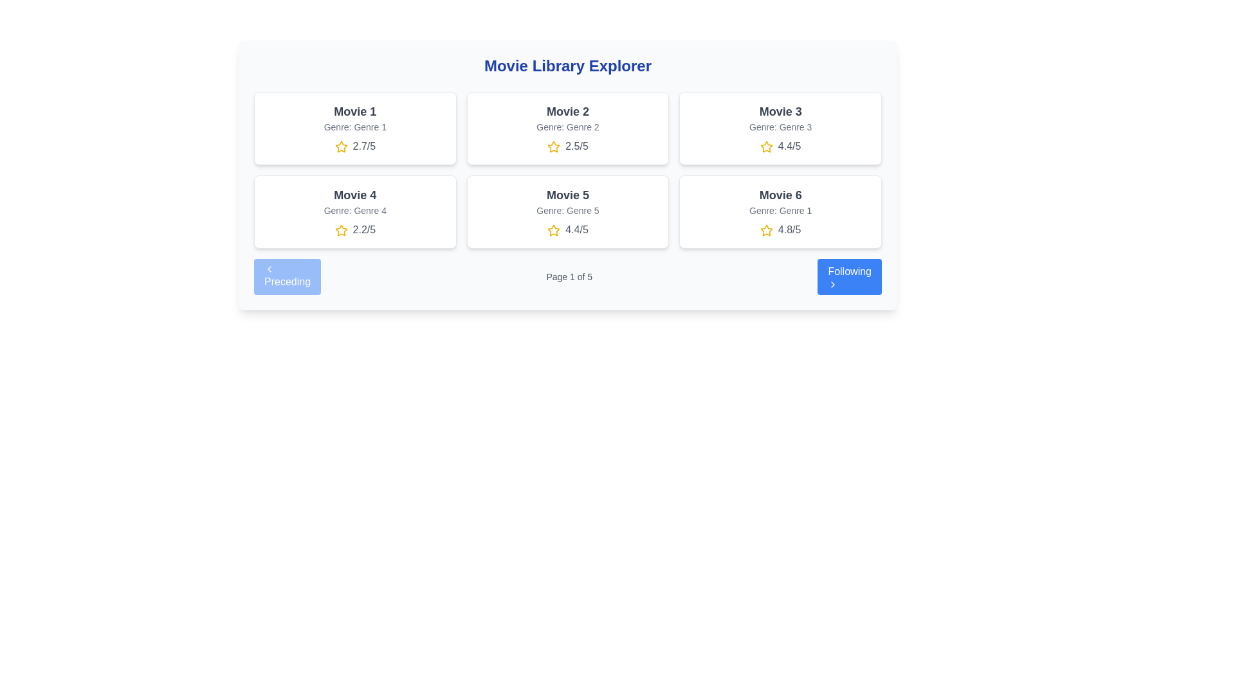 This screenshot has height=694, width=1235. What do you see at coordinates (268, 269) in the screenshot?
I see `the visual indicator icon located in the left-hand side of the 'Preceding' navigation button at the bottom section of the interface for visual feedback` at bounding box center [268, 269].